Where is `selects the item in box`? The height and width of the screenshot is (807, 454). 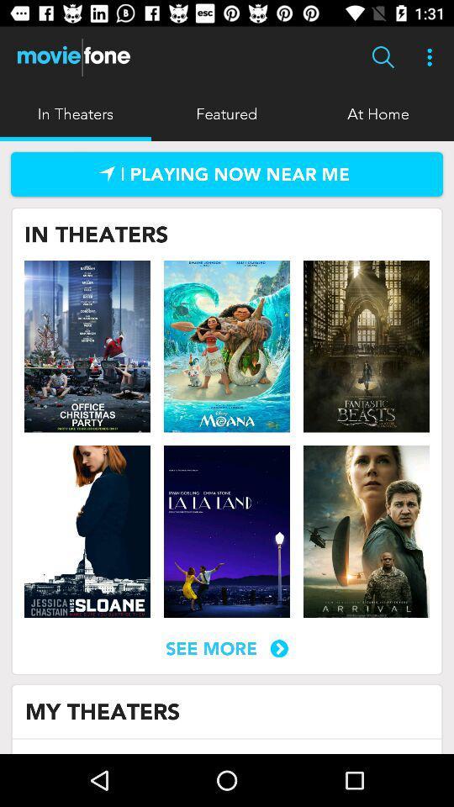
selects the item in box is located at coordinates (227, 530).